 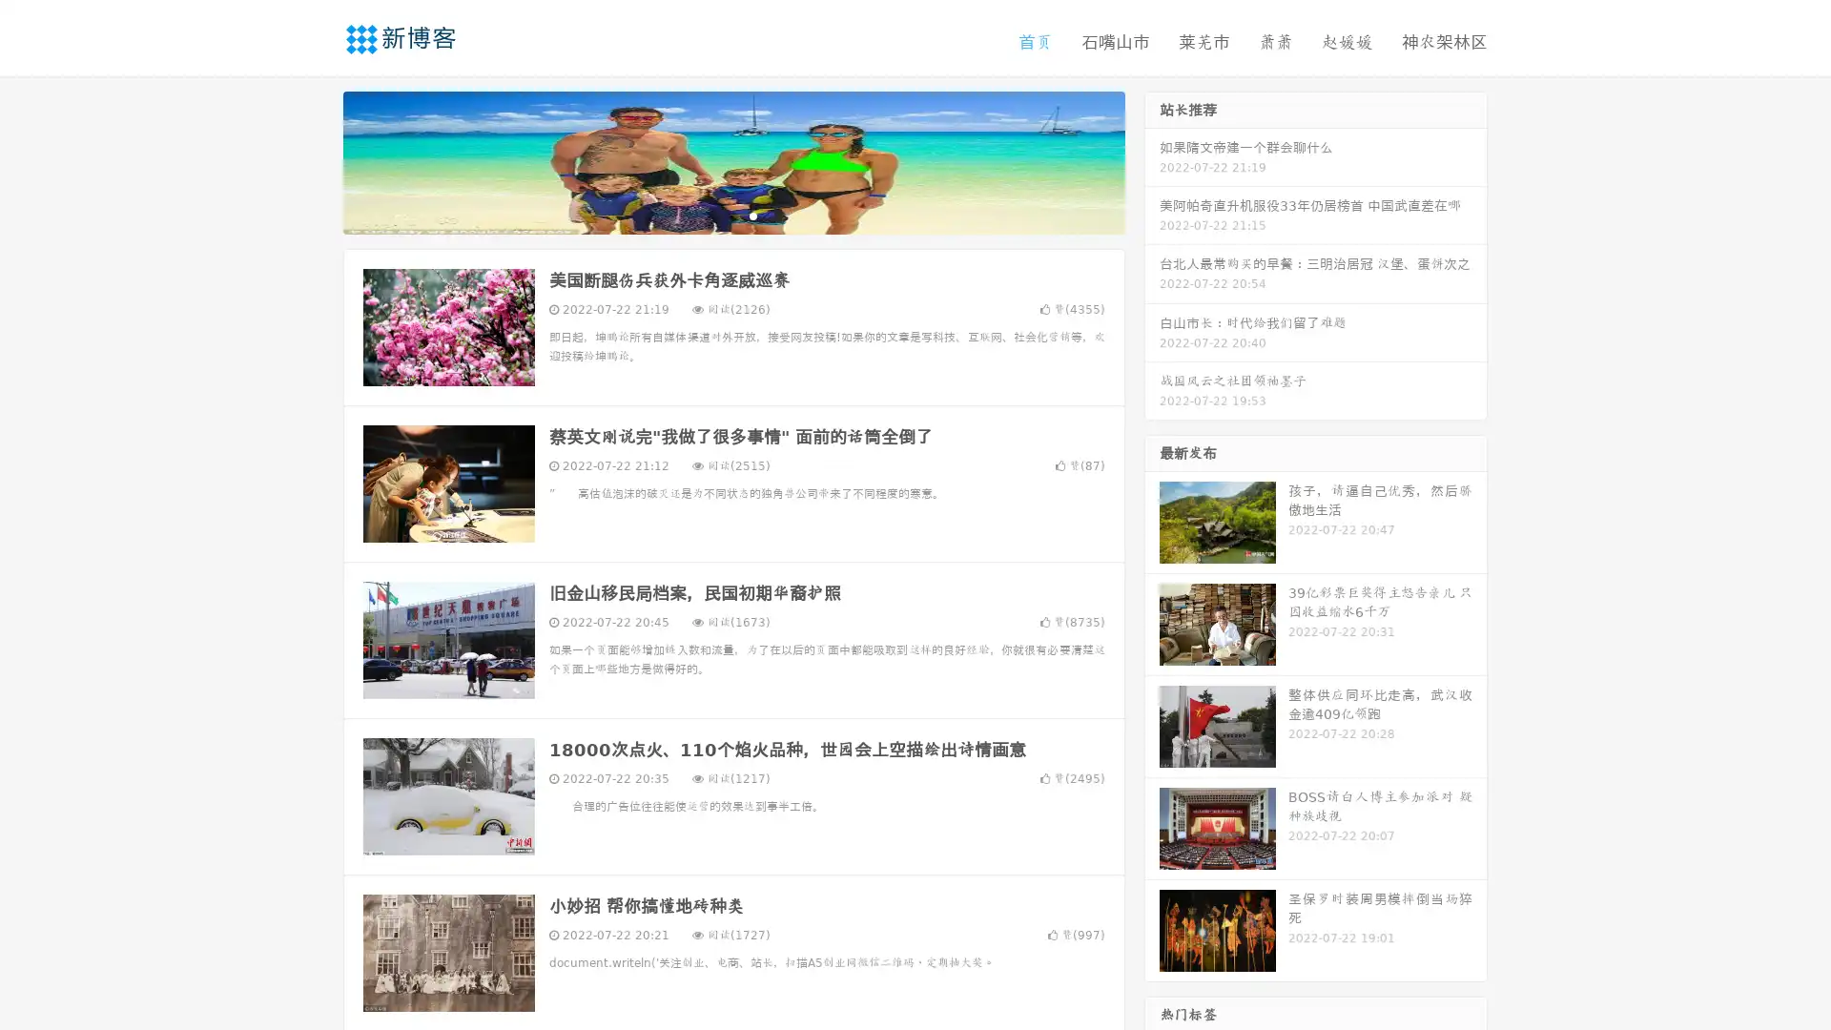 What do you see at coordinates (752, 215) in the screenshot?
I see `Go to slide 3` at bounding box center [752, 215].